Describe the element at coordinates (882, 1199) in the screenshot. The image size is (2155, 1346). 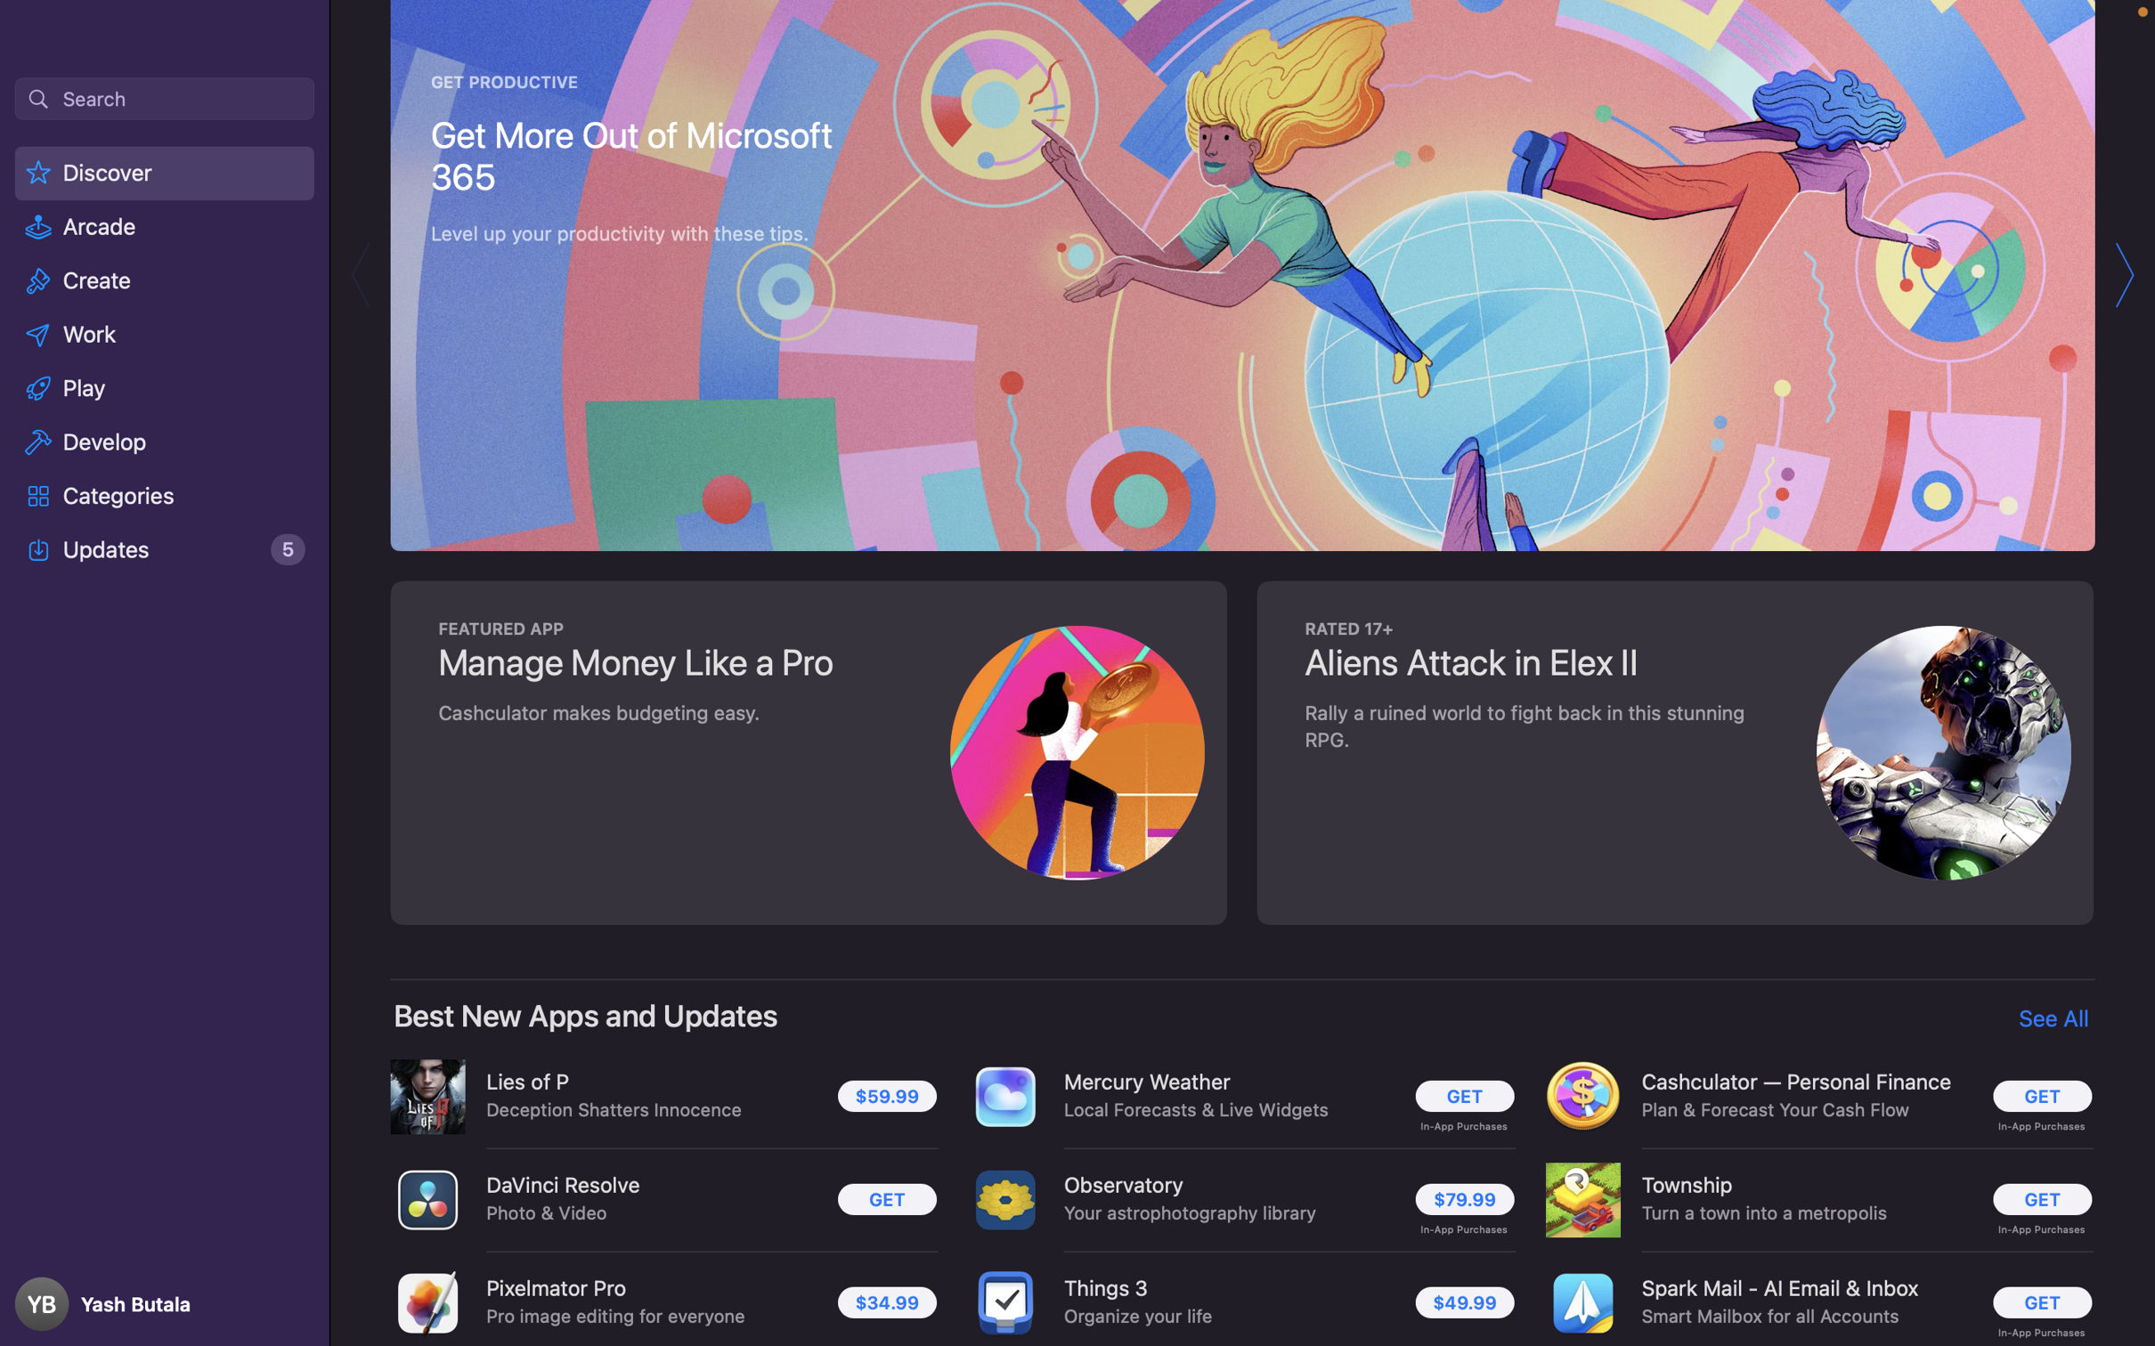
I see `Install the "DaVinci Resolve" application` at that location.